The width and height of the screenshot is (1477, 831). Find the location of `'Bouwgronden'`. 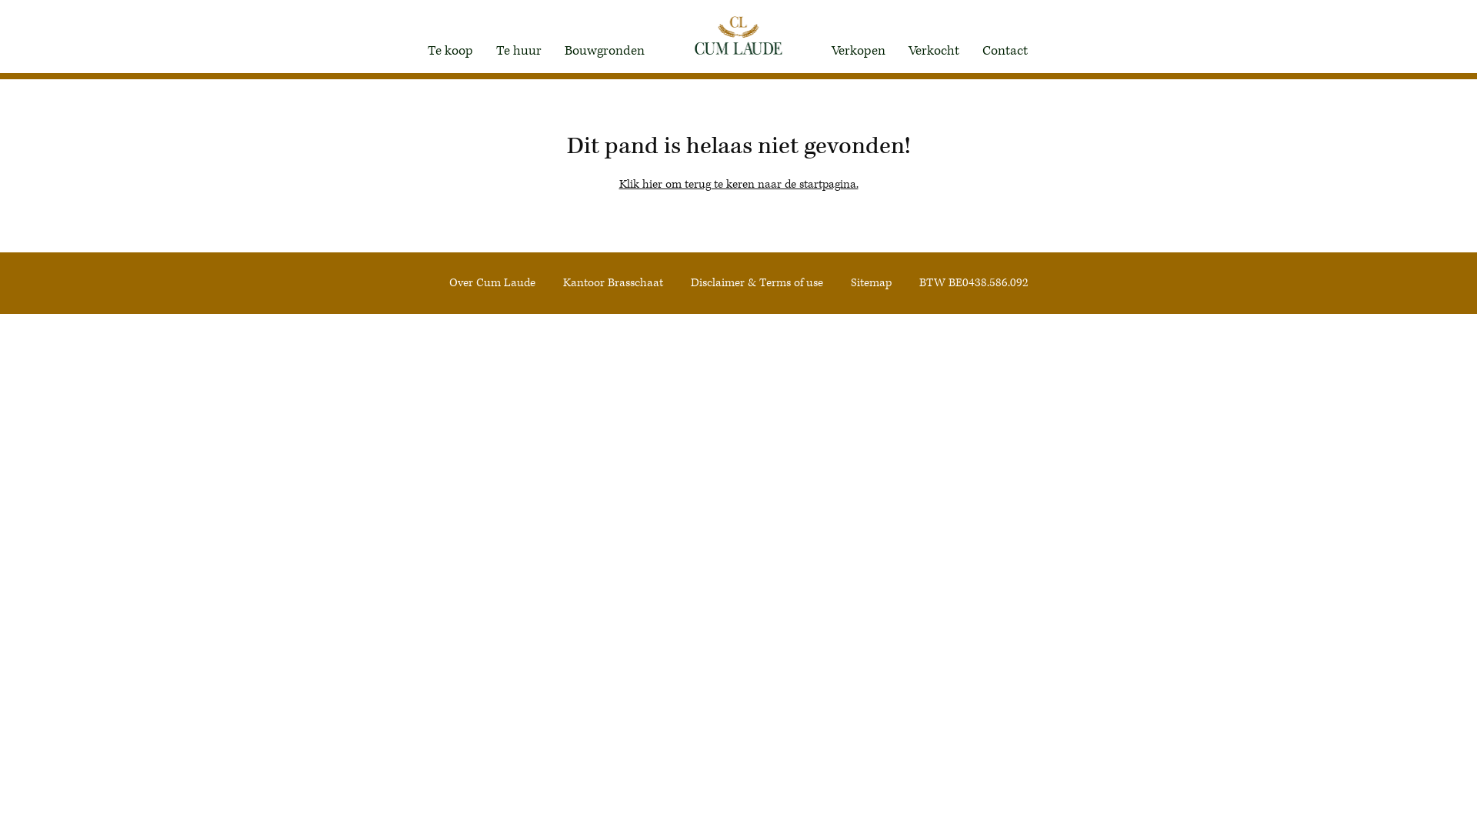

'Bouwgronden' is located at coordinates (604, 49).